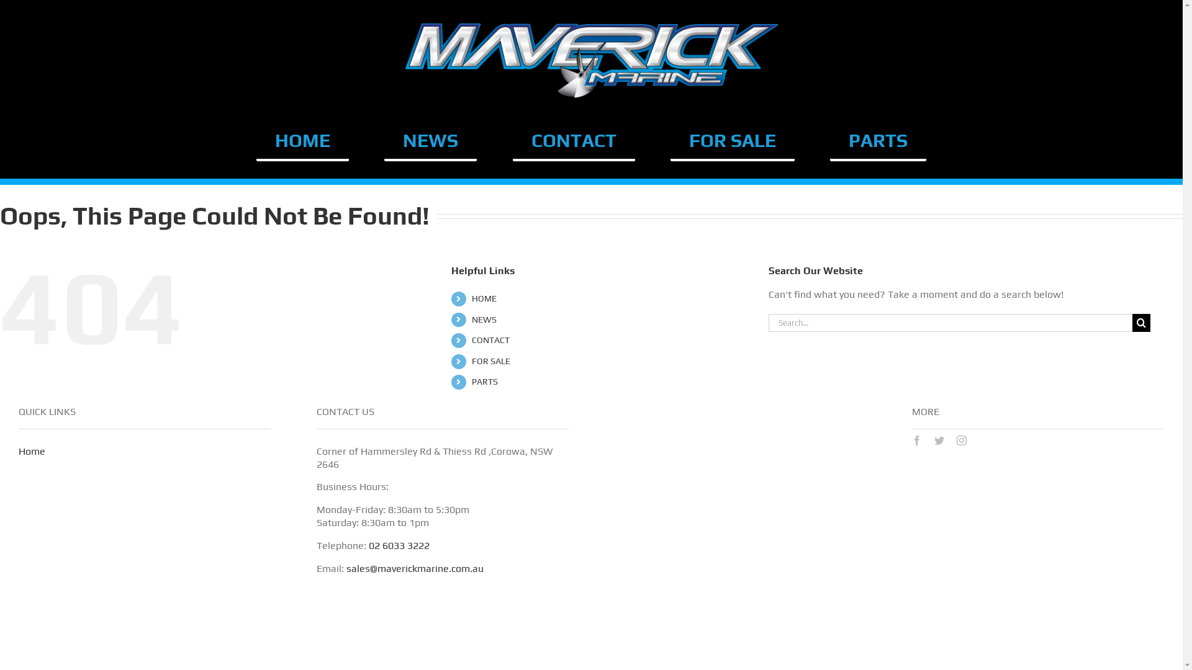  I want to click on 'HOME', so click(483, 298).